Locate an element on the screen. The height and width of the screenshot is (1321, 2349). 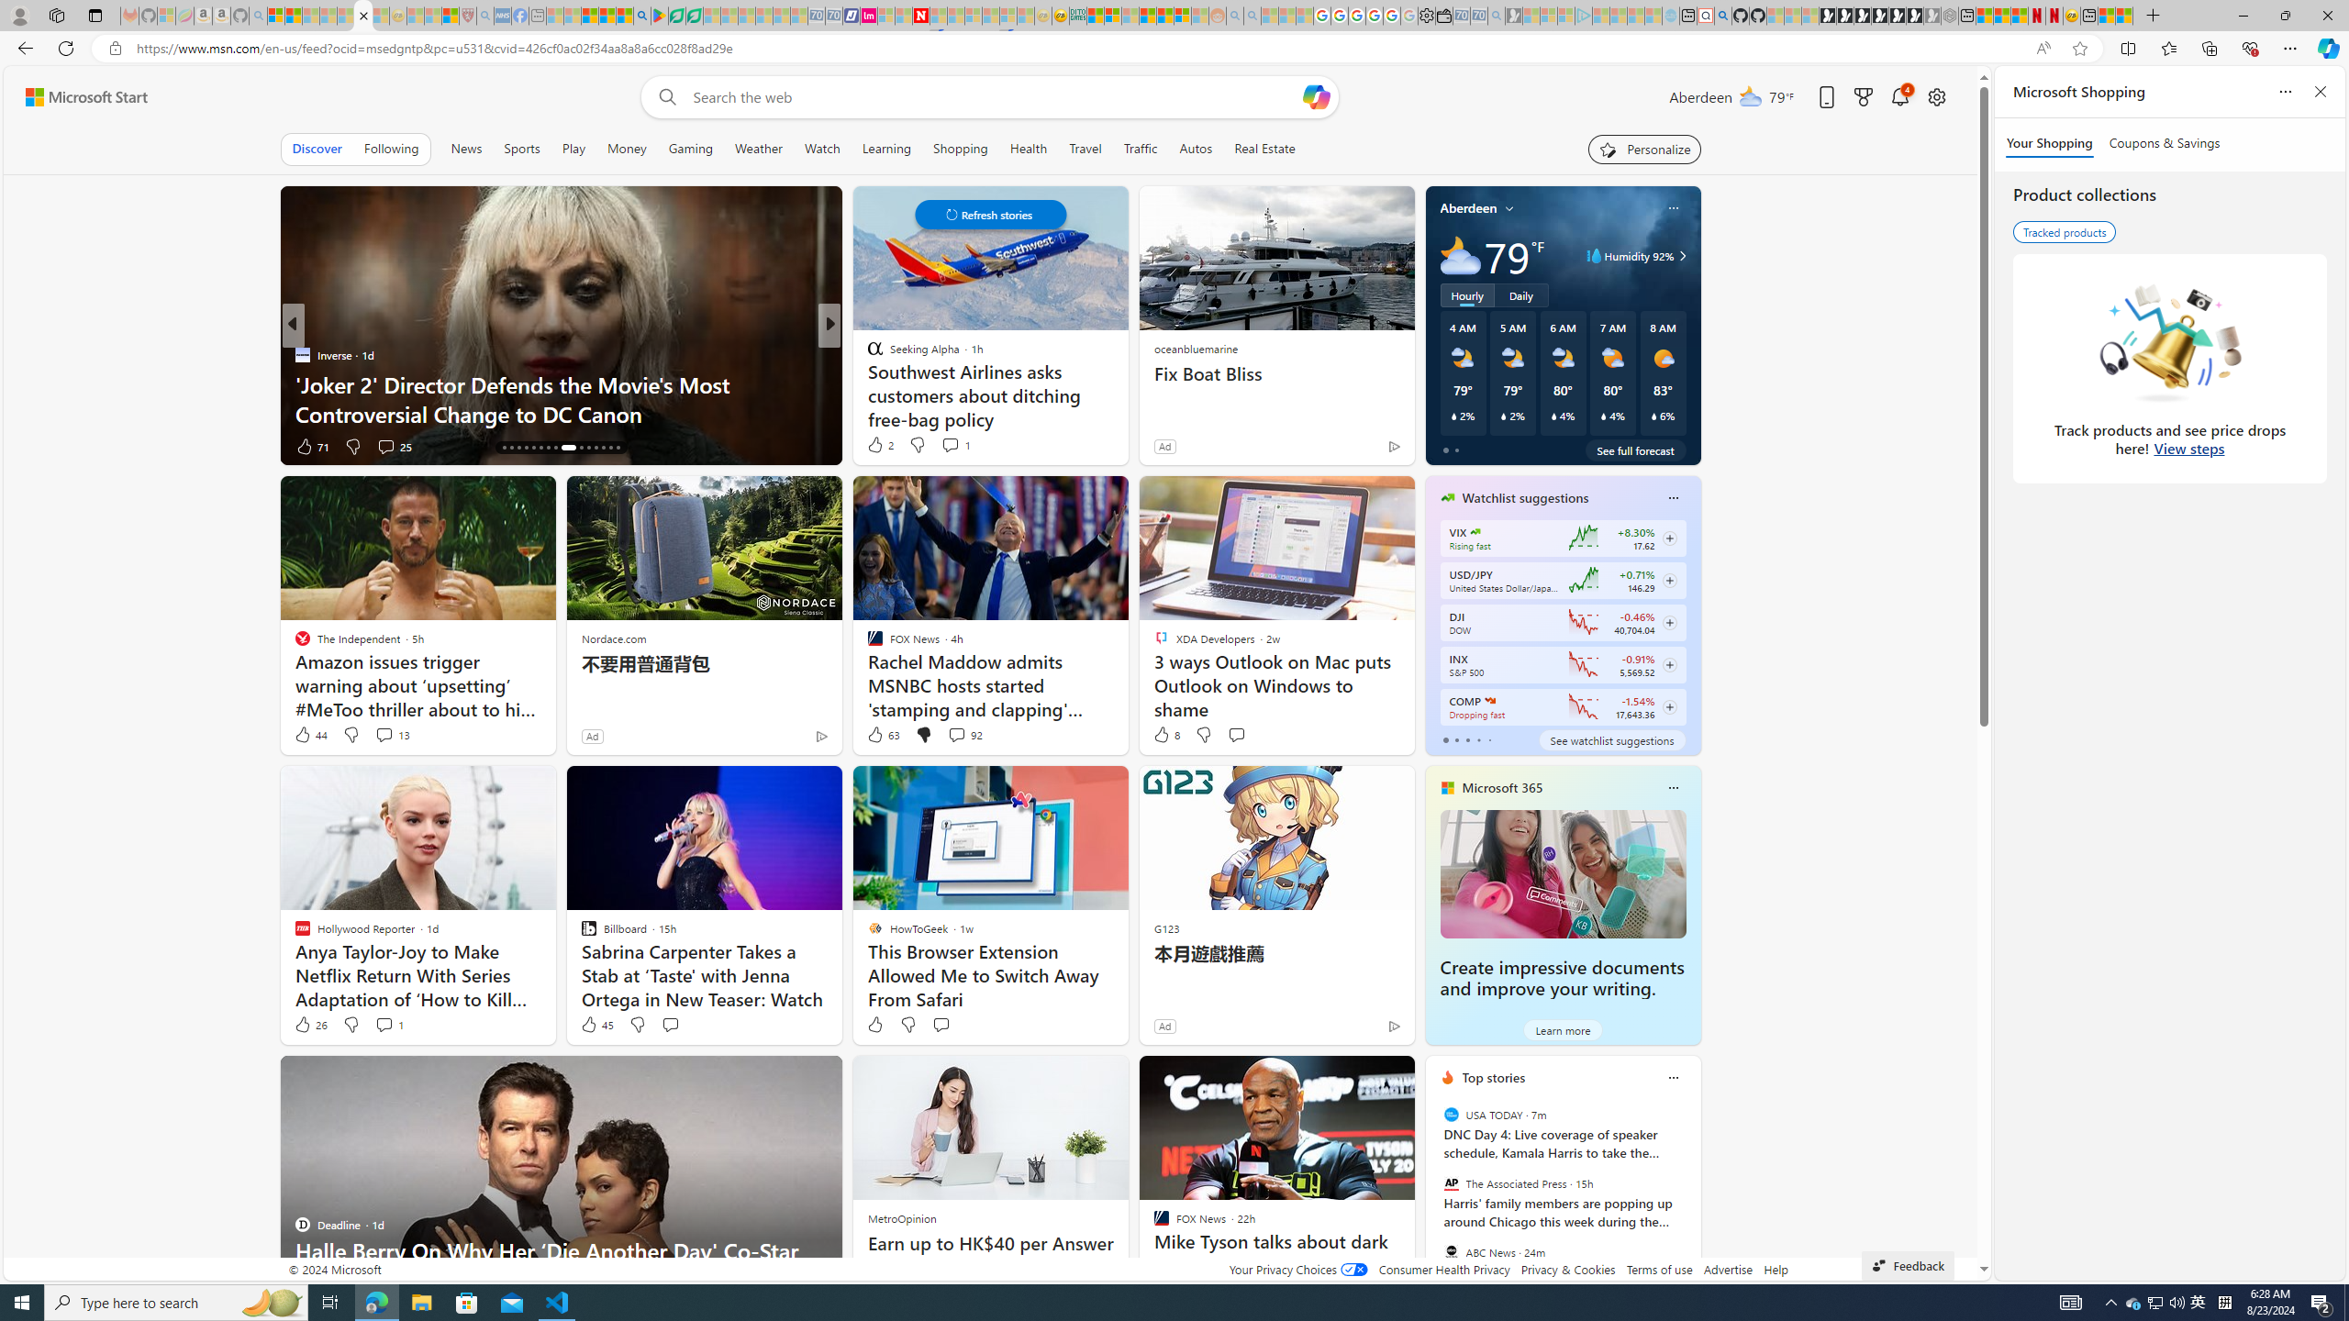
'Feedback' is located at coordinates (1908, 1264).